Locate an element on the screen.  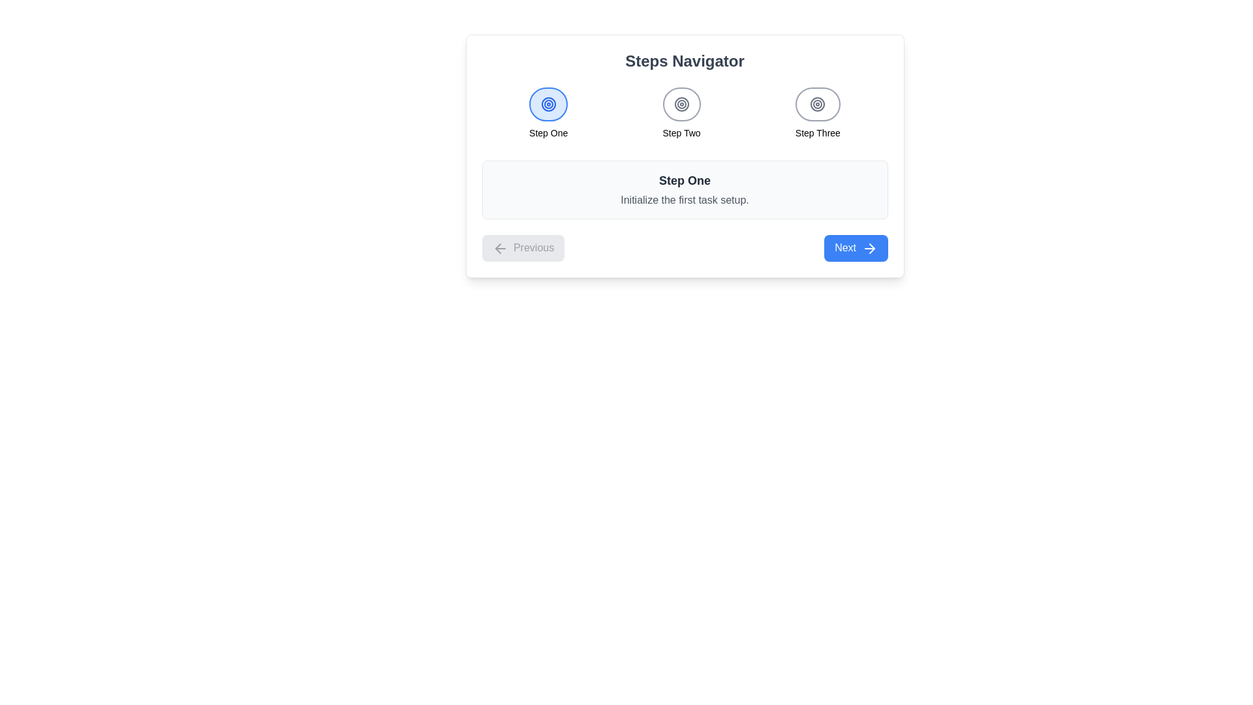
the static text element that reads 'Initialize the first task setup.' located under the 'Step One' header is located at coordinates (684, 200).